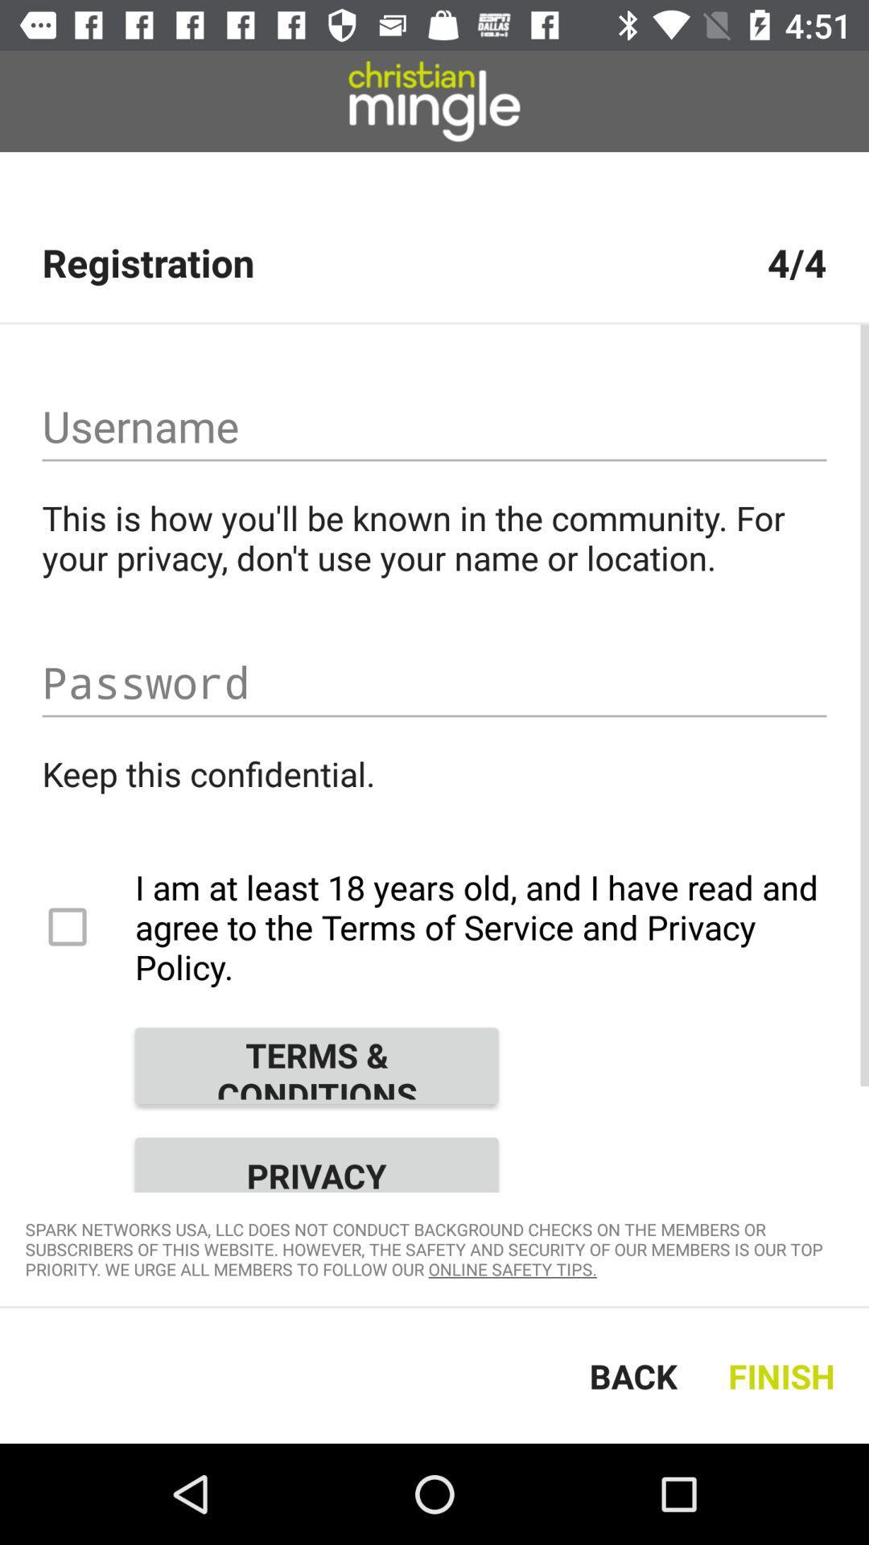 This screenshot has width=869, height=1545. Describe the element at coordinates (316, 1065) in the screenshot. I see `terms and condition` at that location.